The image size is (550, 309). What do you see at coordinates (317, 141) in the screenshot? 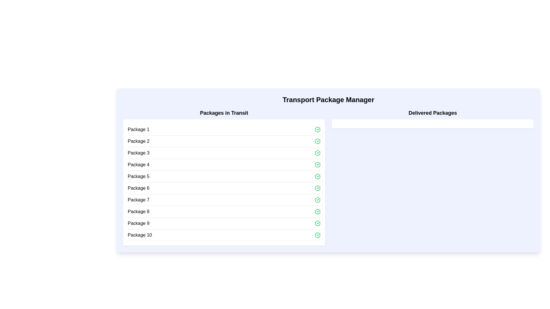
I see `the Interactive icon in the second row of the 'Packages in Transit' section to interact or toggle its state` at bounding box center [317, 141].